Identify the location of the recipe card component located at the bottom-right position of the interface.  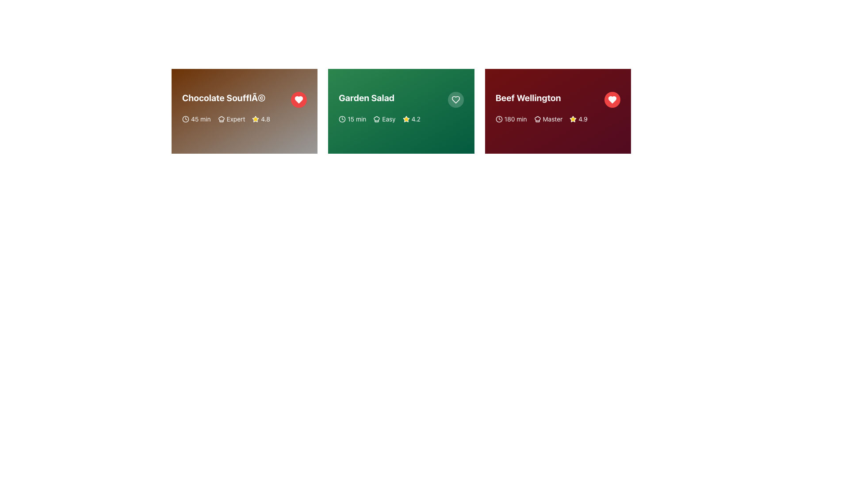
(557, 110).